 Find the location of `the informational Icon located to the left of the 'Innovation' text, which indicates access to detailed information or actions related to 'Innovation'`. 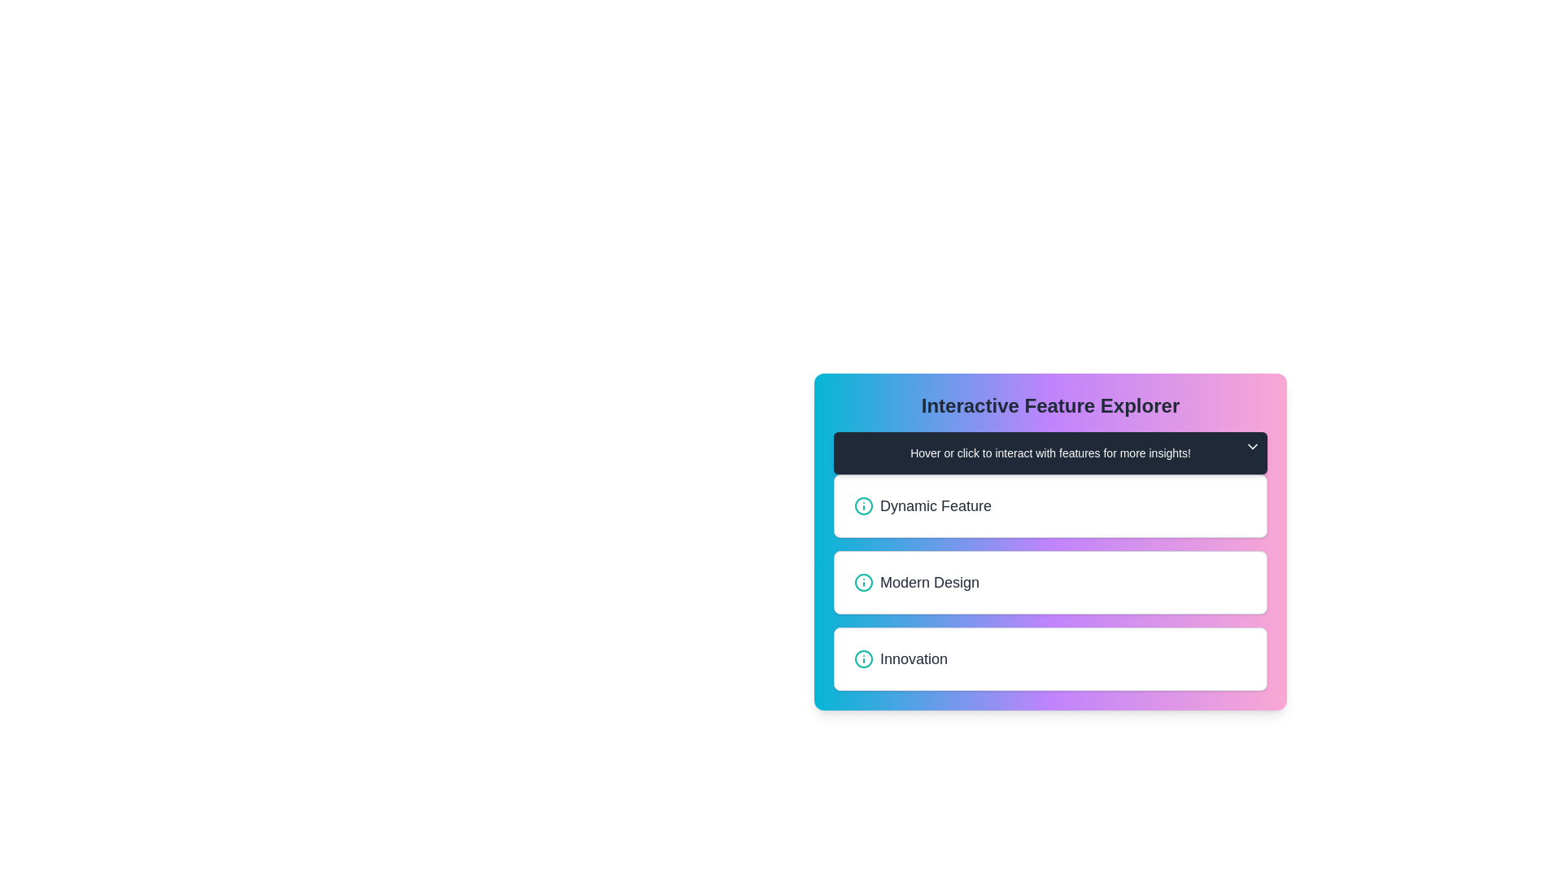

the informational Icon located to the left of the 'Innovation' text, which indicates access to detailed information or actions related to 'Innovation' is located at coordinates (862, 659).